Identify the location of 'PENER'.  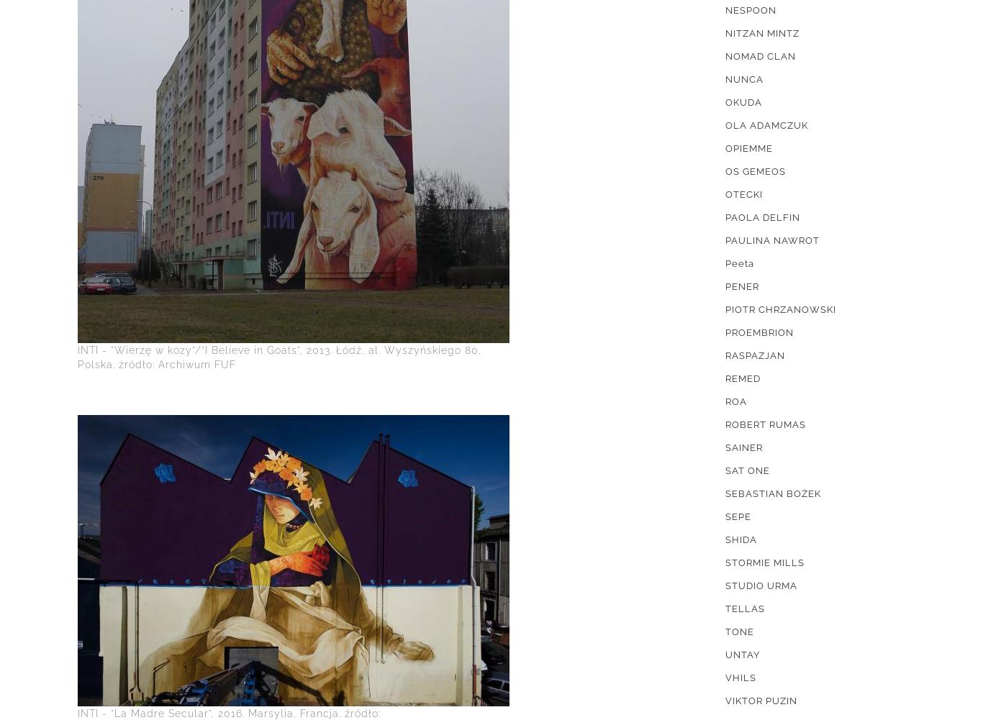
(741, 286).